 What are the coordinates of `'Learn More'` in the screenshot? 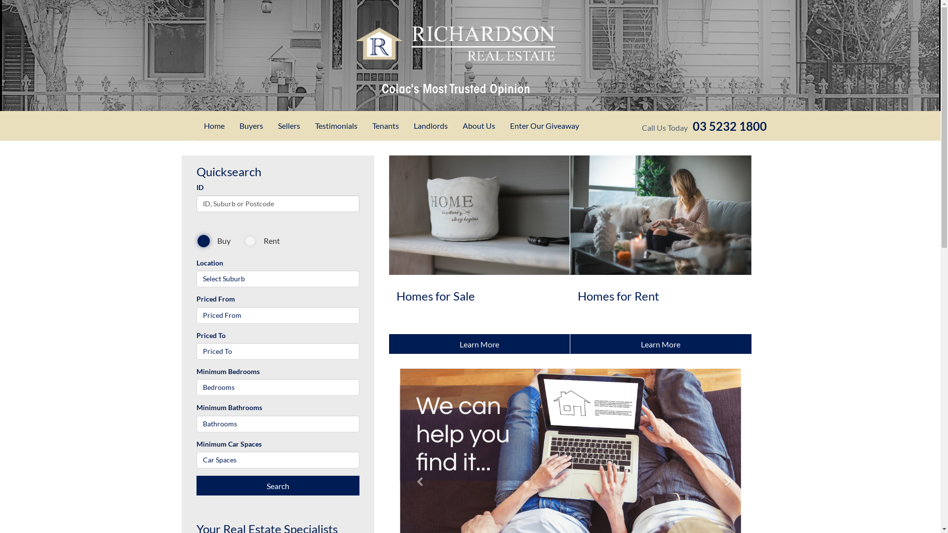 It's located at (479, 343).